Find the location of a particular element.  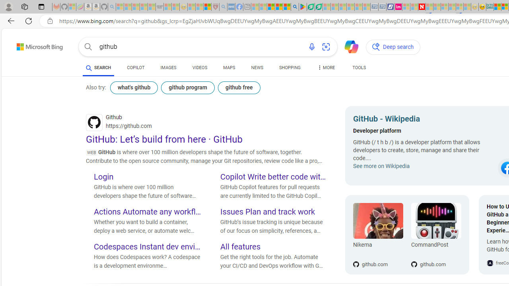

'SHOPPING' is located at coordinates (289, 68).